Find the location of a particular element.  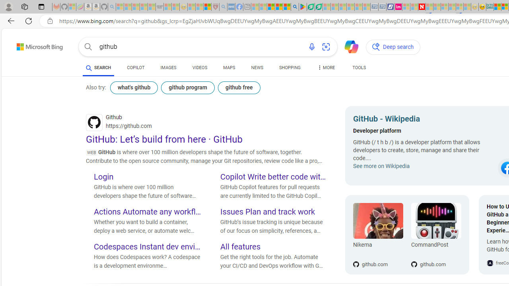

'SHOPPING' is located at coordinates (289, 68).